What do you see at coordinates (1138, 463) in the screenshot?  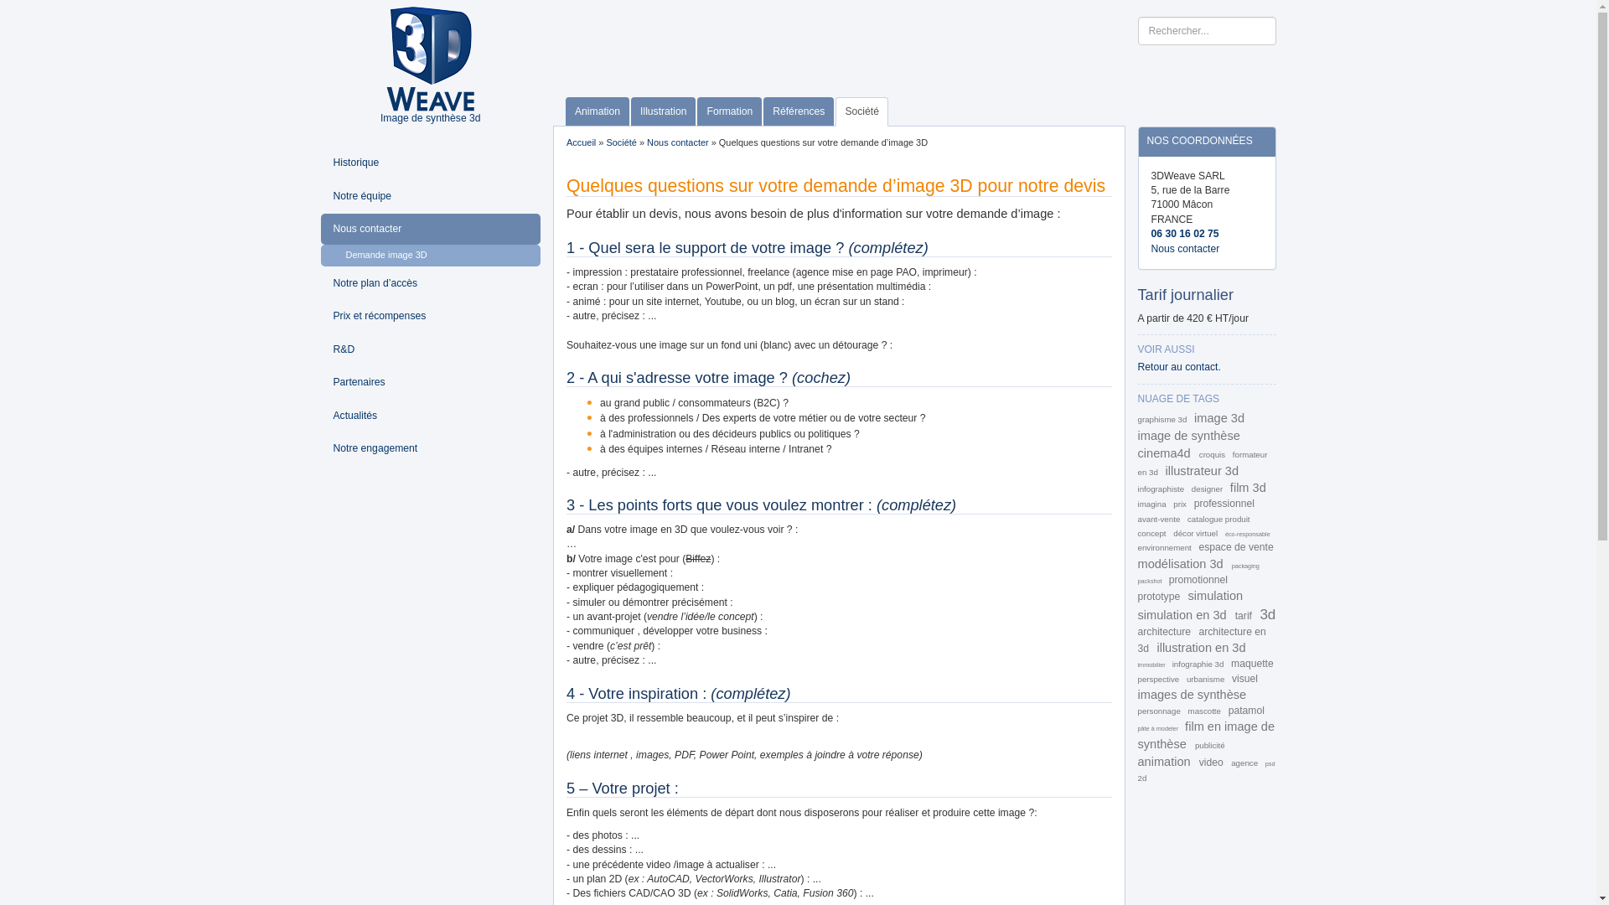 I see `'formateur en 3d'` at bounding box center [1138, 463].